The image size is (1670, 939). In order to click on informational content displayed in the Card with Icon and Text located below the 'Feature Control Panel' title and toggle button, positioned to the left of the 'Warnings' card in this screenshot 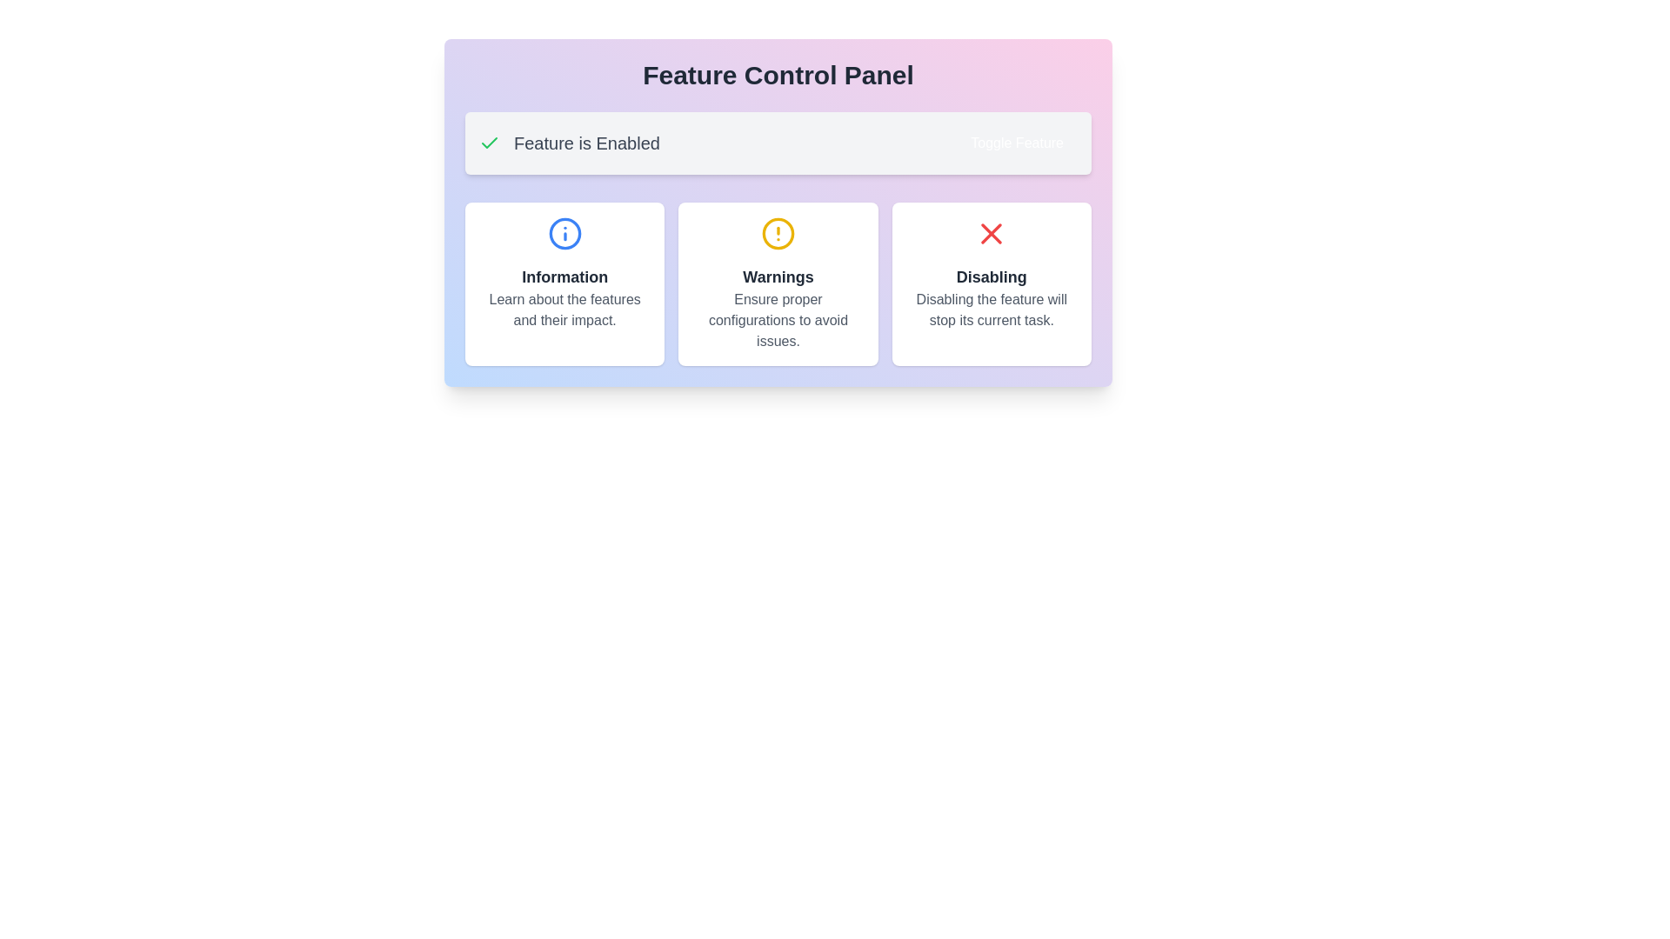, I will do `click(564, 283)`.